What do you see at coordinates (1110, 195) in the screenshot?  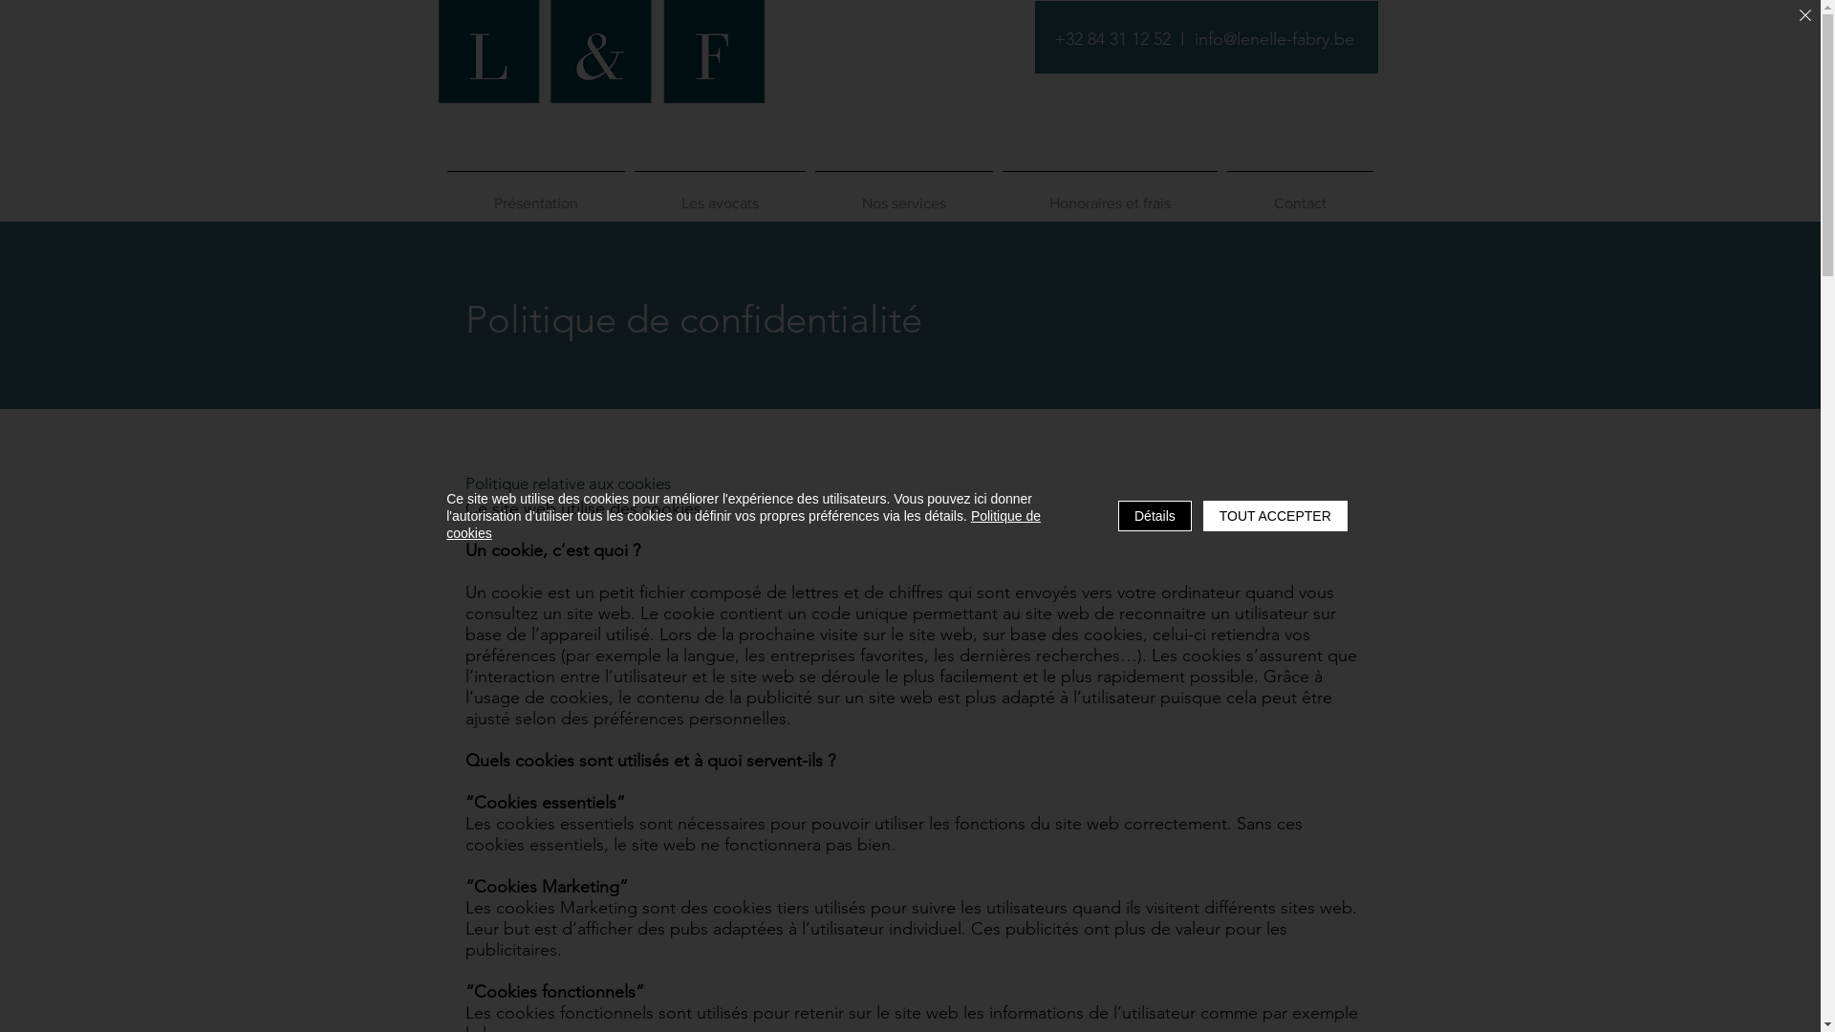 I see `'Honoraires et frais'` at bounding box center [1110, 195].